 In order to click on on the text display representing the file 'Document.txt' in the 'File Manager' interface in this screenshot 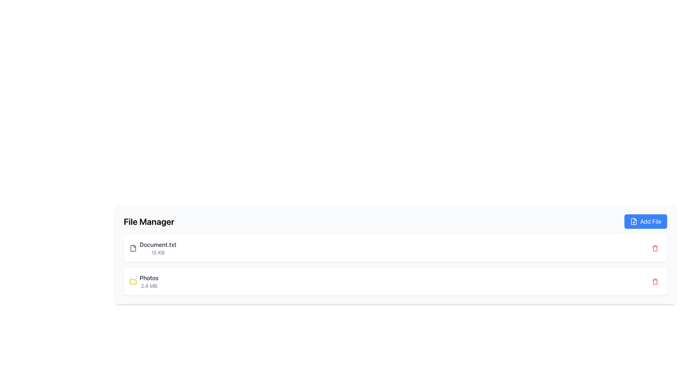, I will do `click(157, 248)`.